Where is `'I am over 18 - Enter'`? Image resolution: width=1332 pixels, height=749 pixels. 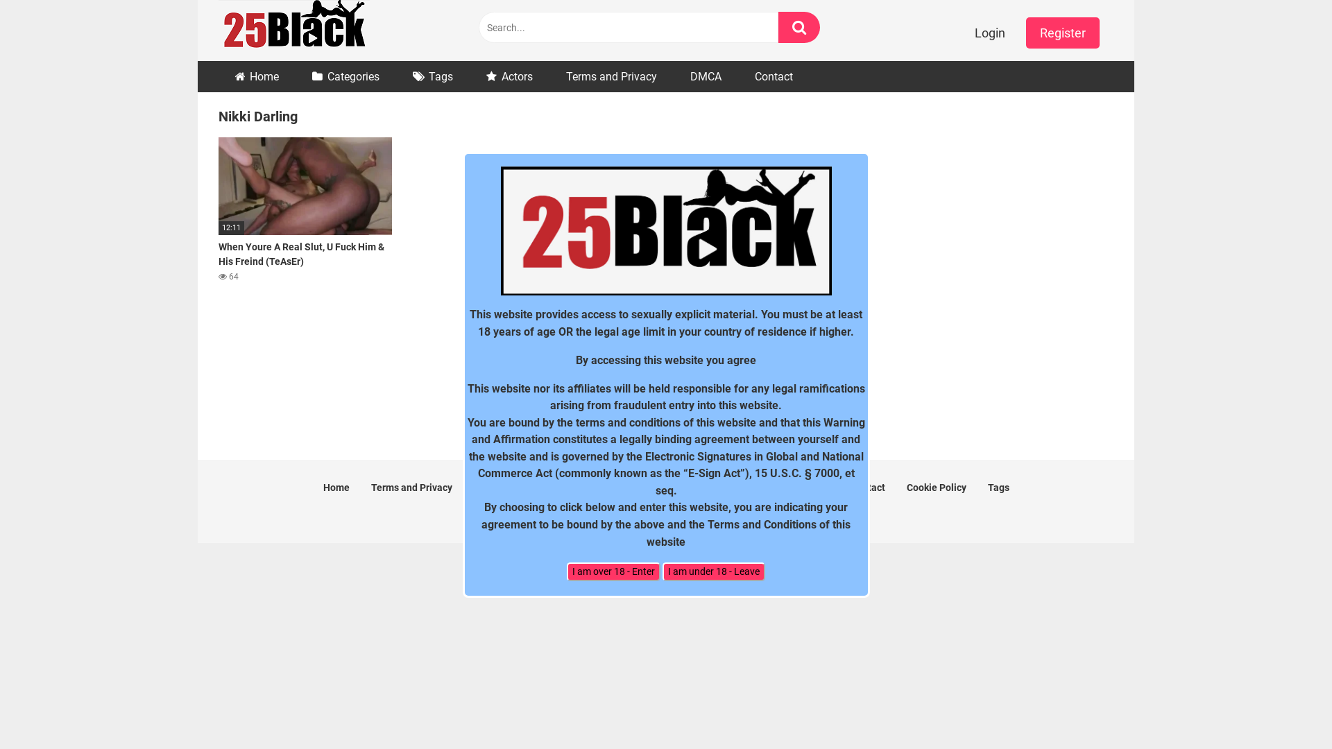 'I am over 18 - Enter' is located at coordinates (613, 571).